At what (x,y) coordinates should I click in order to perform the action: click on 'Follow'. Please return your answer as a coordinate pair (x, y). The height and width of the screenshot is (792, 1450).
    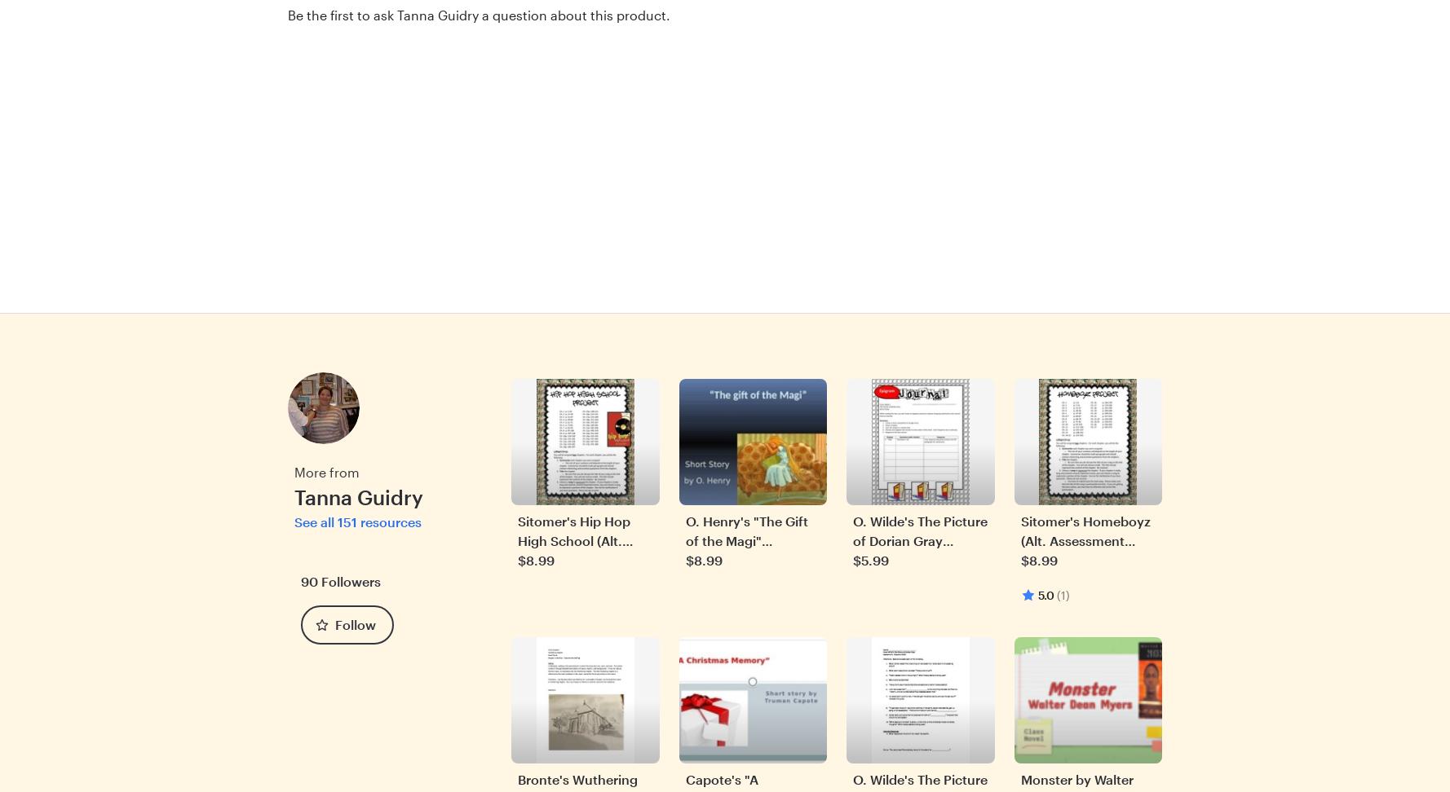
    Looking at the image, I should click on (355, 624).